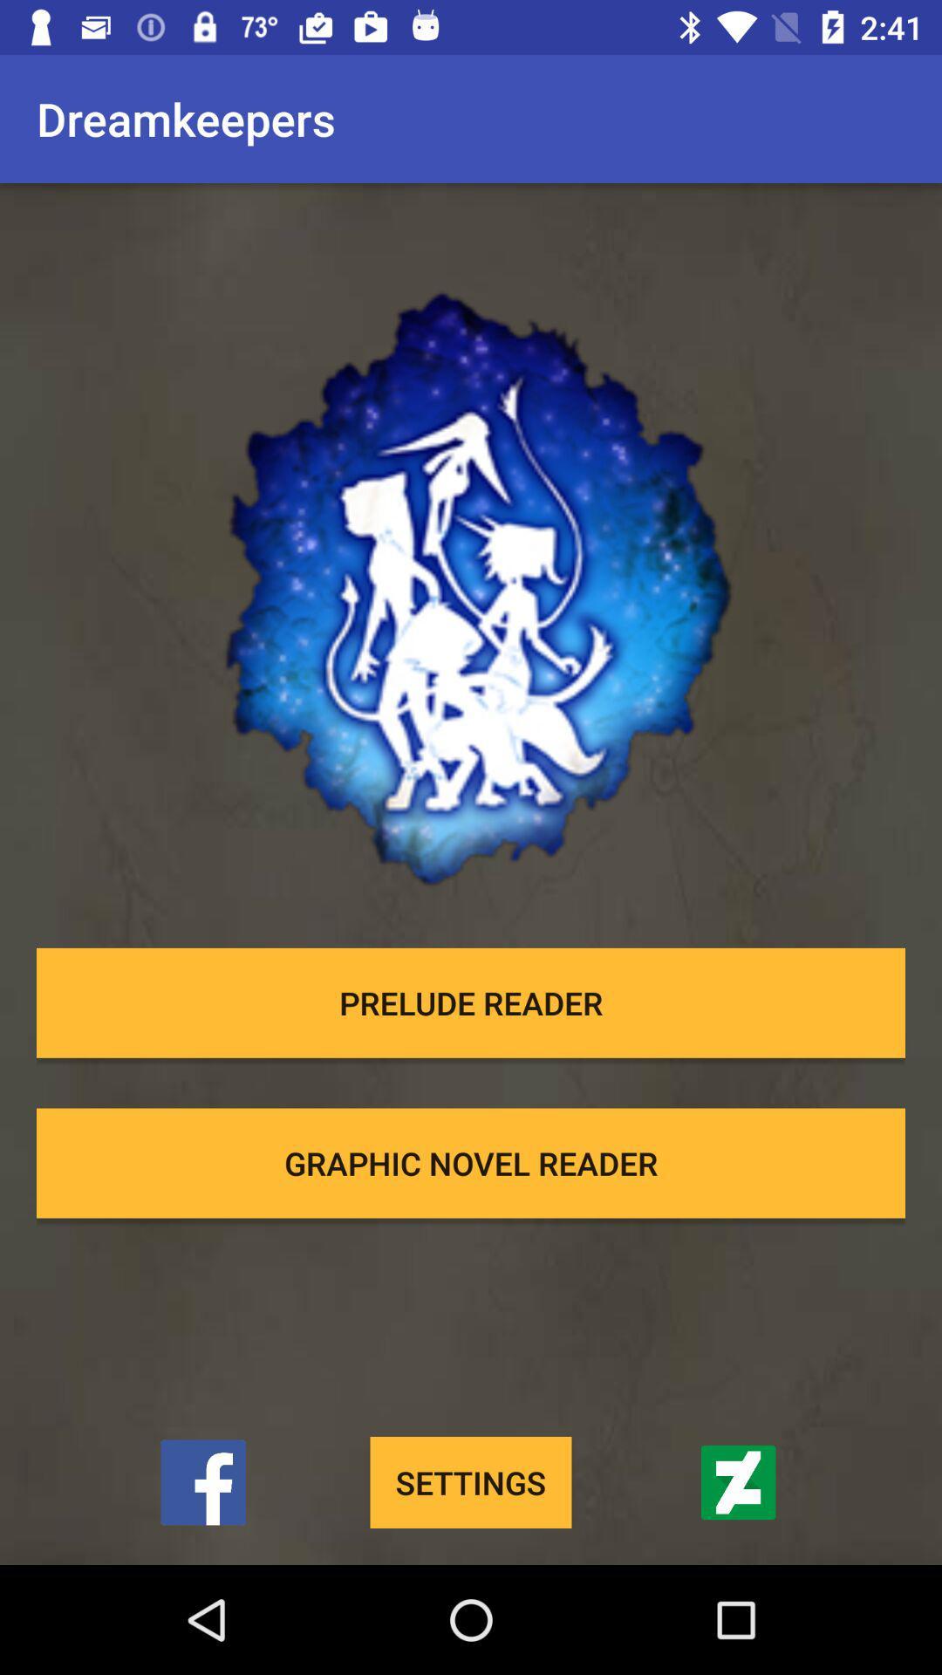  What do you see at coordinates (471, 563) in the screenshot?
I see `item below the dreamkeepers` at bounding box center [471, 563].